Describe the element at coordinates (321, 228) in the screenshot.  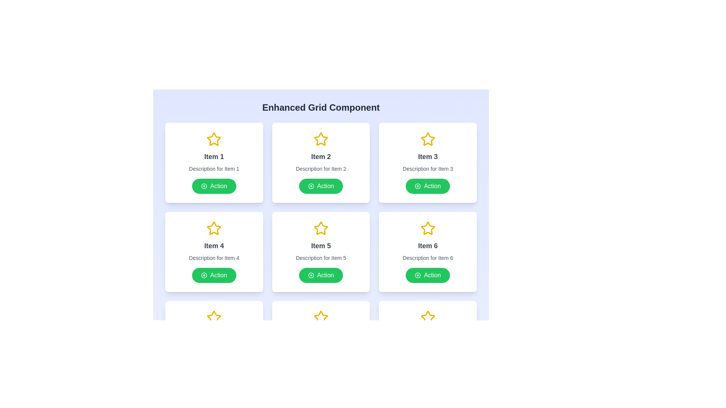
I see `the favorite icon located at the top center of the card labeled 'Item 5' in the grid layout` at that location.